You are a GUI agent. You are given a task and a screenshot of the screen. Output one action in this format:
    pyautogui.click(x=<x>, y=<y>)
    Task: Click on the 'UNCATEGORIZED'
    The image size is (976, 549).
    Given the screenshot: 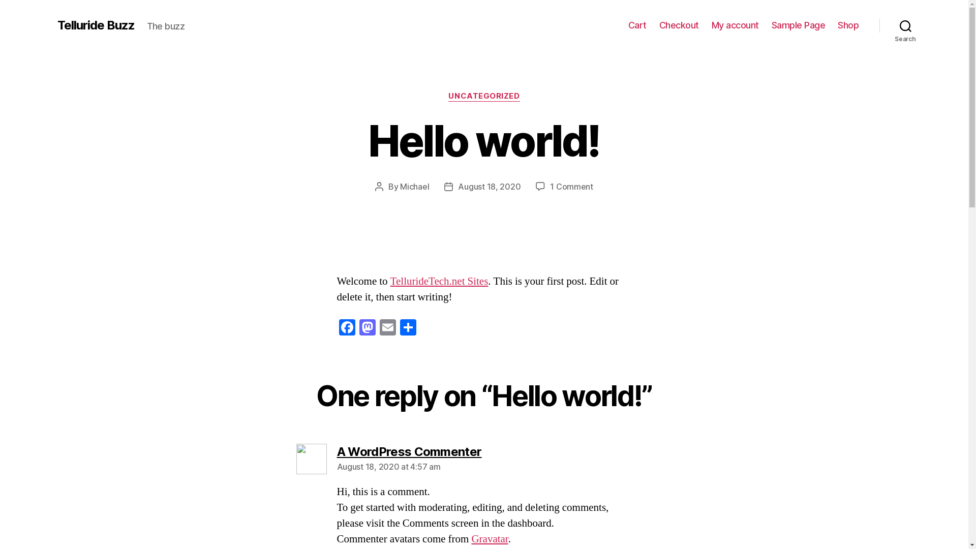 What is the action you would take?
    pyautogui.click(x=448, y=96)
    